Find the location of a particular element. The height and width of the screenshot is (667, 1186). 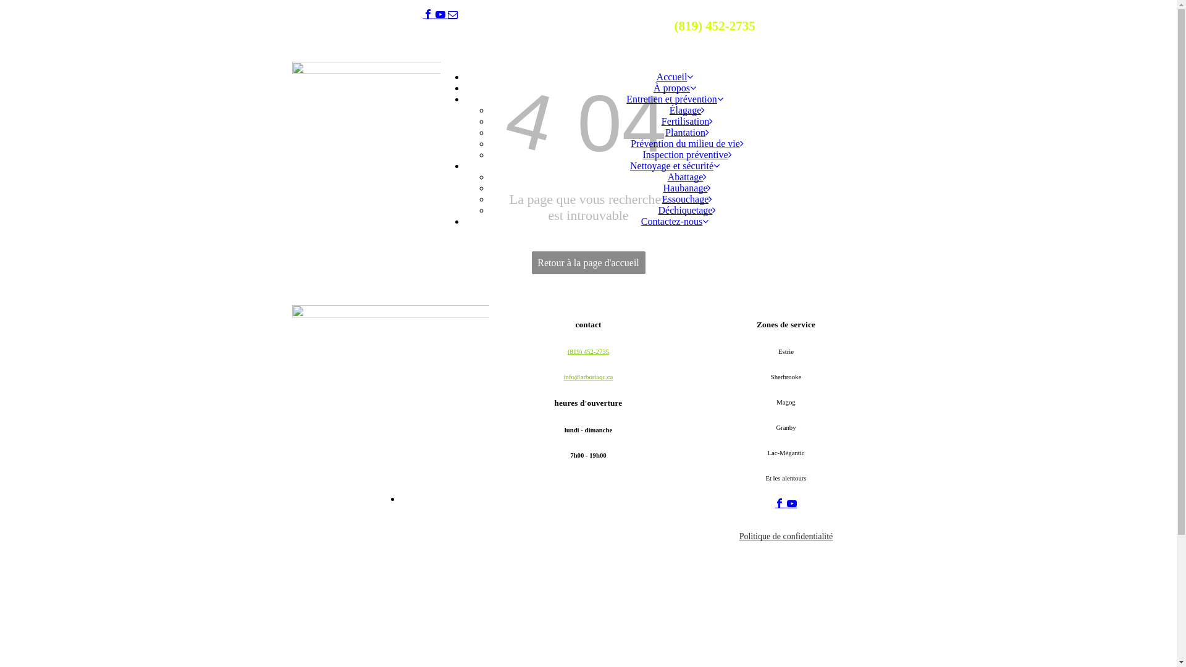

'Accueil' is located at coordinates (655, 77).